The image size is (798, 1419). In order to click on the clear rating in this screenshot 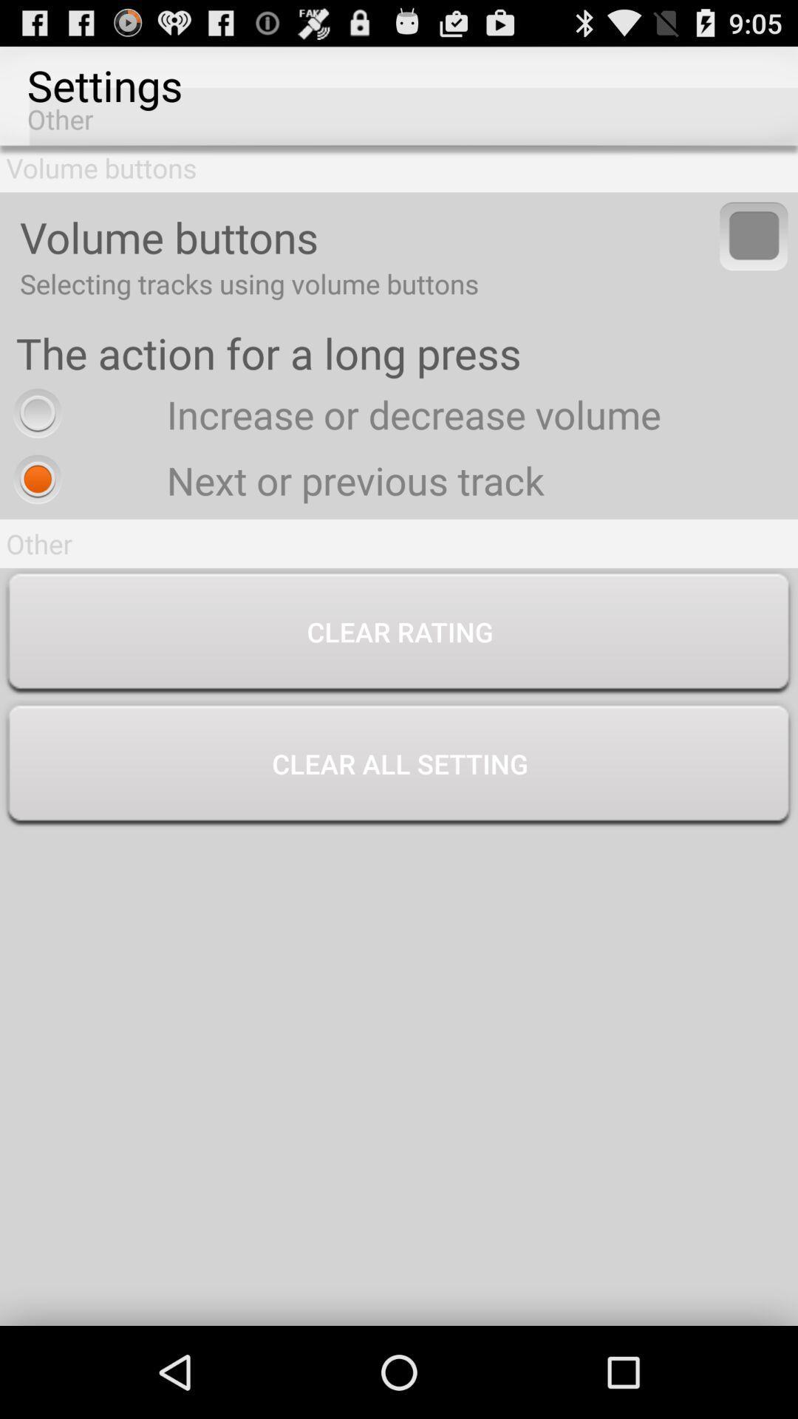, I will do `click(399, 634)`.